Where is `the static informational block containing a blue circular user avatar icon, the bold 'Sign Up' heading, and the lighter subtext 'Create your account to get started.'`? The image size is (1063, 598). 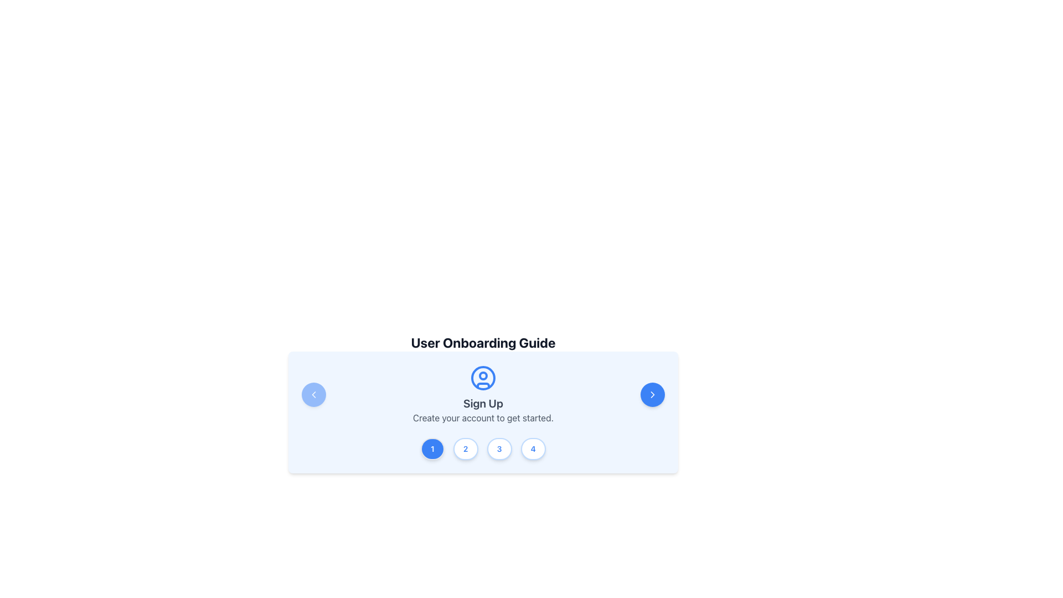 the static informational block containing a blue circular user avatar icon, the bold 'Sign Up' heading, and the lighter subtext 'Create your account to get started.' is located at coordinates (483, 394).